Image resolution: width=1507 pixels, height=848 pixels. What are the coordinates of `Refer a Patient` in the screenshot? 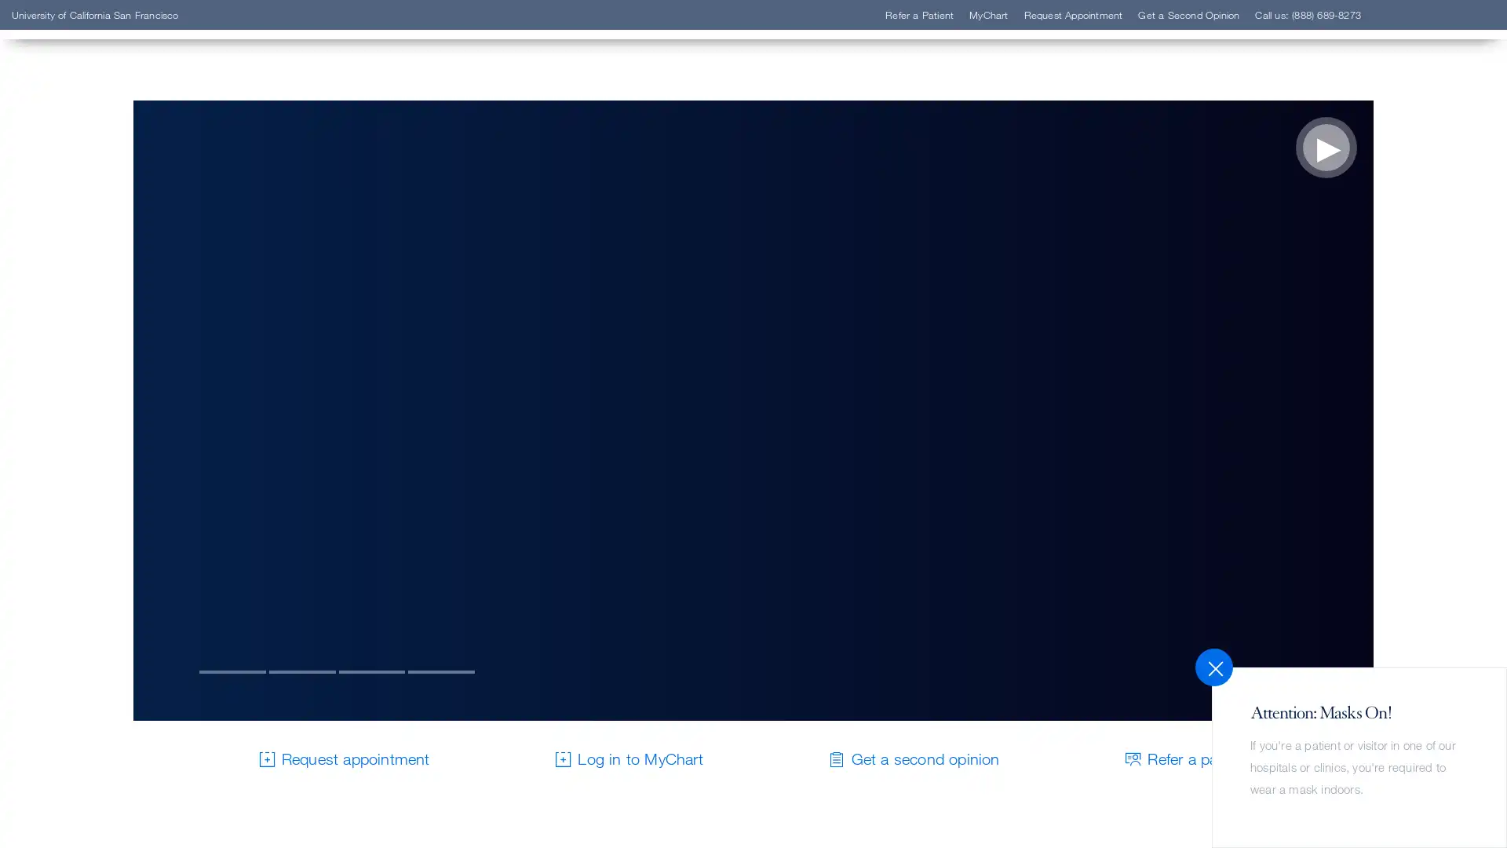 It's located at (112, 254).